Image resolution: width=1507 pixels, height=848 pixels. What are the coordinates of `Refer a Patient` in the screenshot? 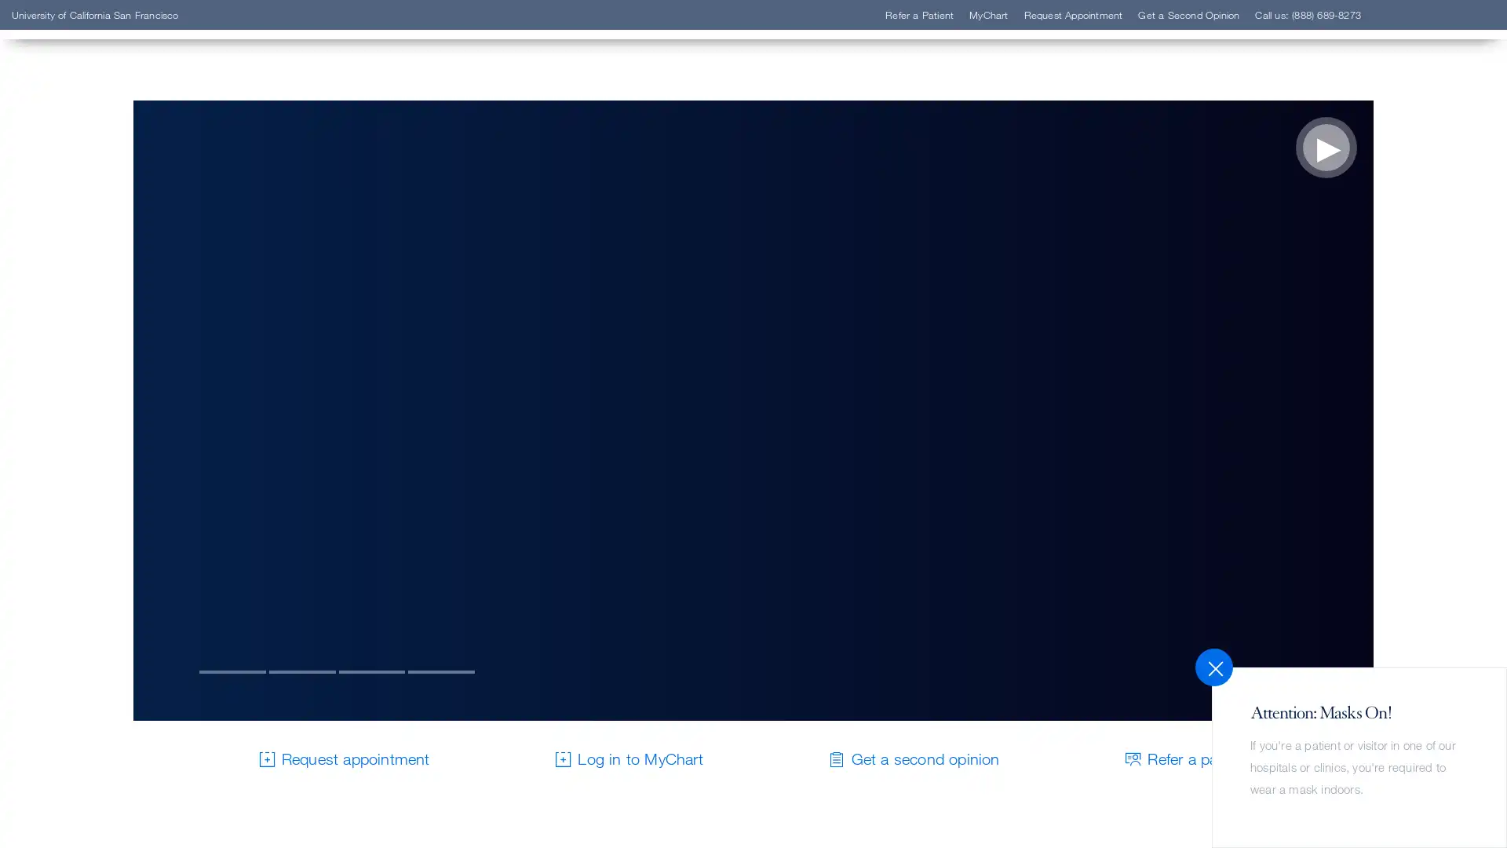 It's located at (112, 254).